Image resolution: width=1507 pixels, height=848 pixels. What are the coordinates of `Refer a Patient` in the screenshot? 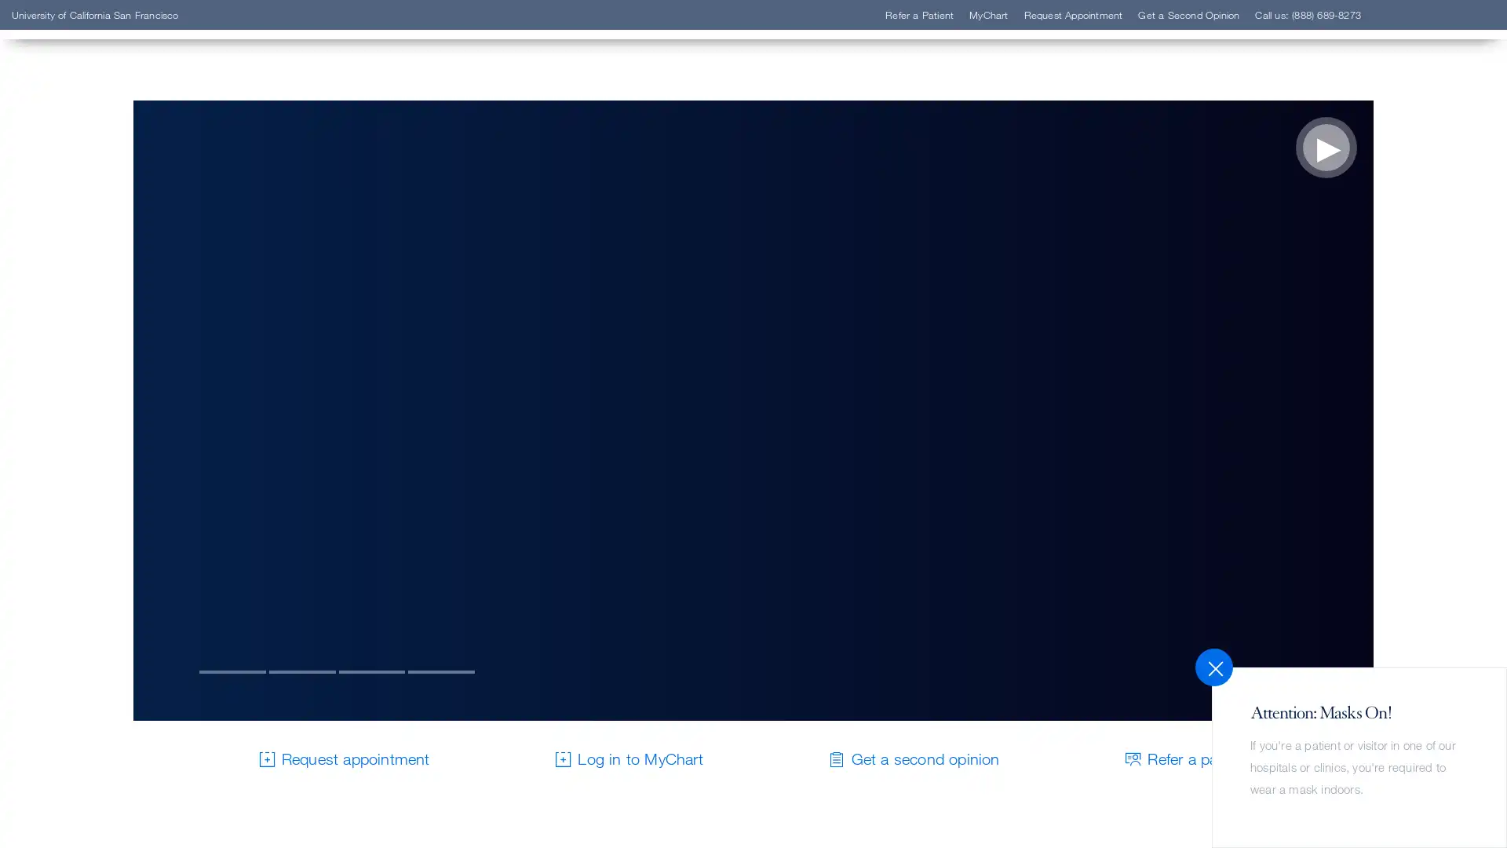 It's located at (112, 254).